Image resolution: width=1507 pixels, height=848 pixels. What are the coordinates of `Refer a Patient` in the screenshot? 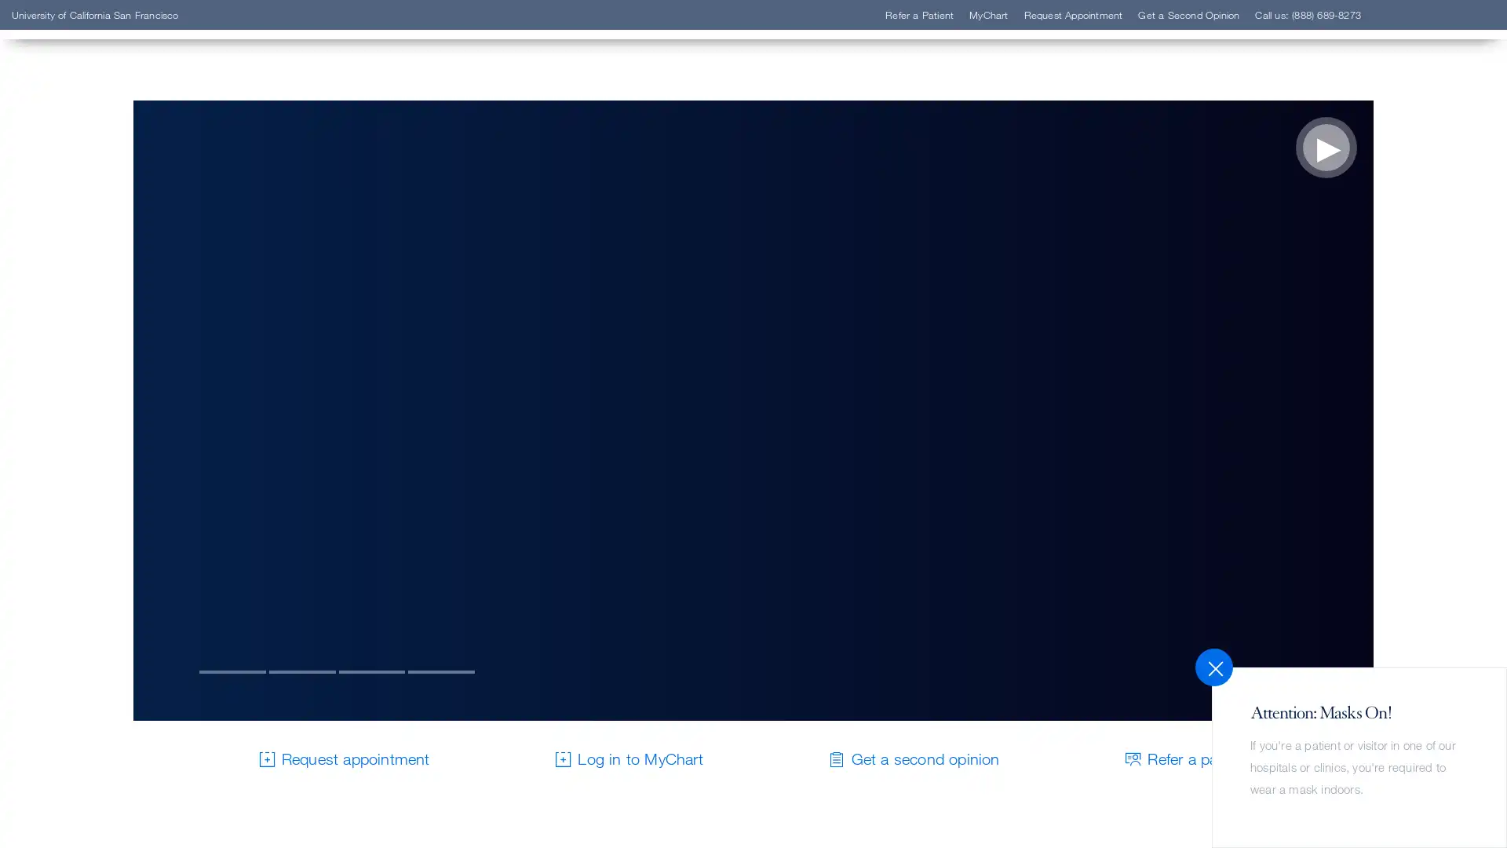 It's located at (112, 254).